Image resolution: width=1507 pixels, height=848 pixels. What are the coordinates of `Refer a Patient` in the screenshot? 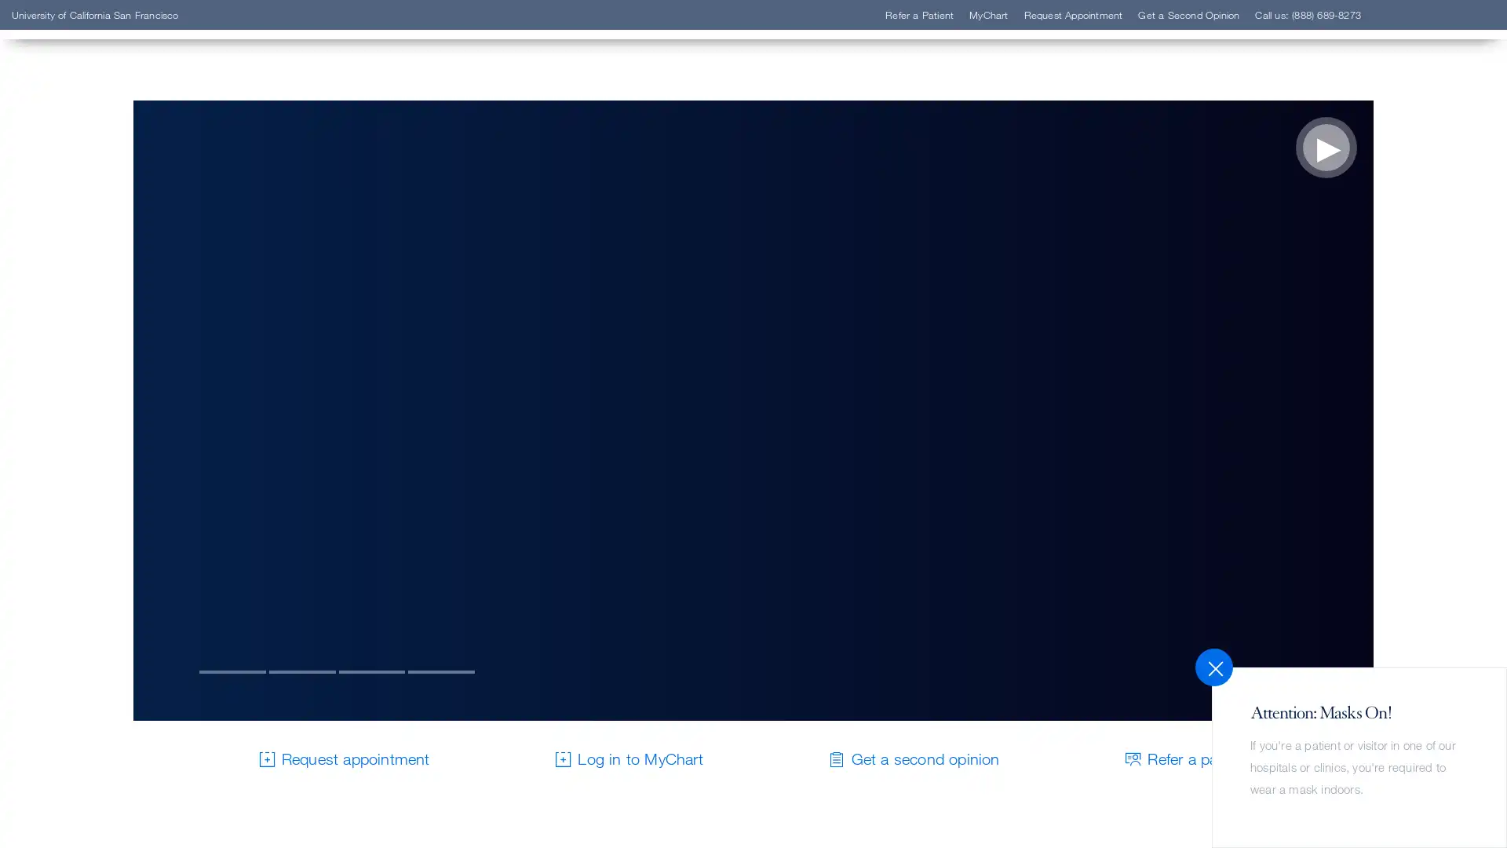 It's located at (112, 254).